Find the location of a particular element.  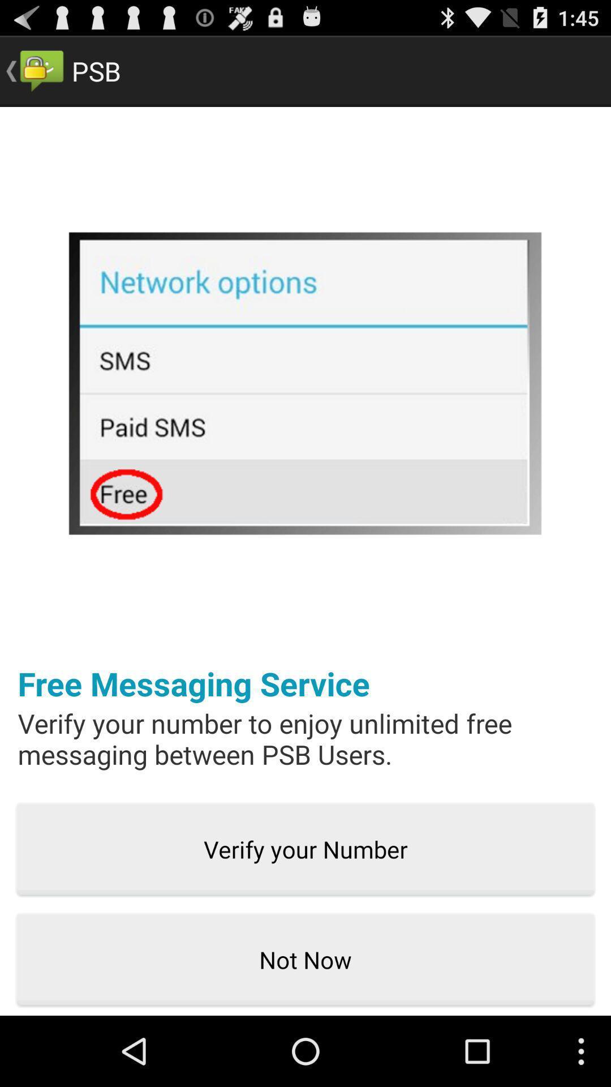

not now button is located at coordinates (305, 960).